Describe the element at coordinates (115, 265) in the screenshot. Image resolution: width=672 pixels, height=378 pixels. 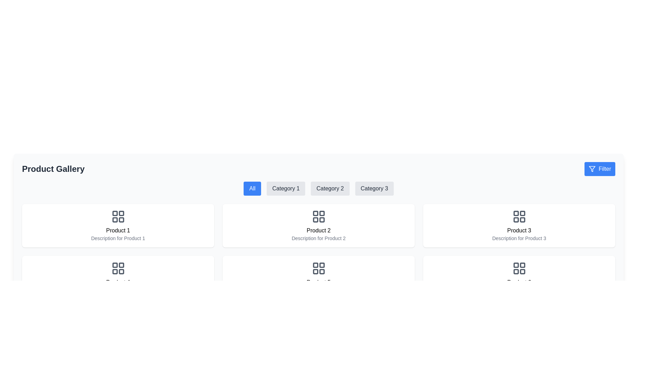
I see `the top-left square with rounded corners in the dark gray grid icon above the text 'Product 4'` at that location.